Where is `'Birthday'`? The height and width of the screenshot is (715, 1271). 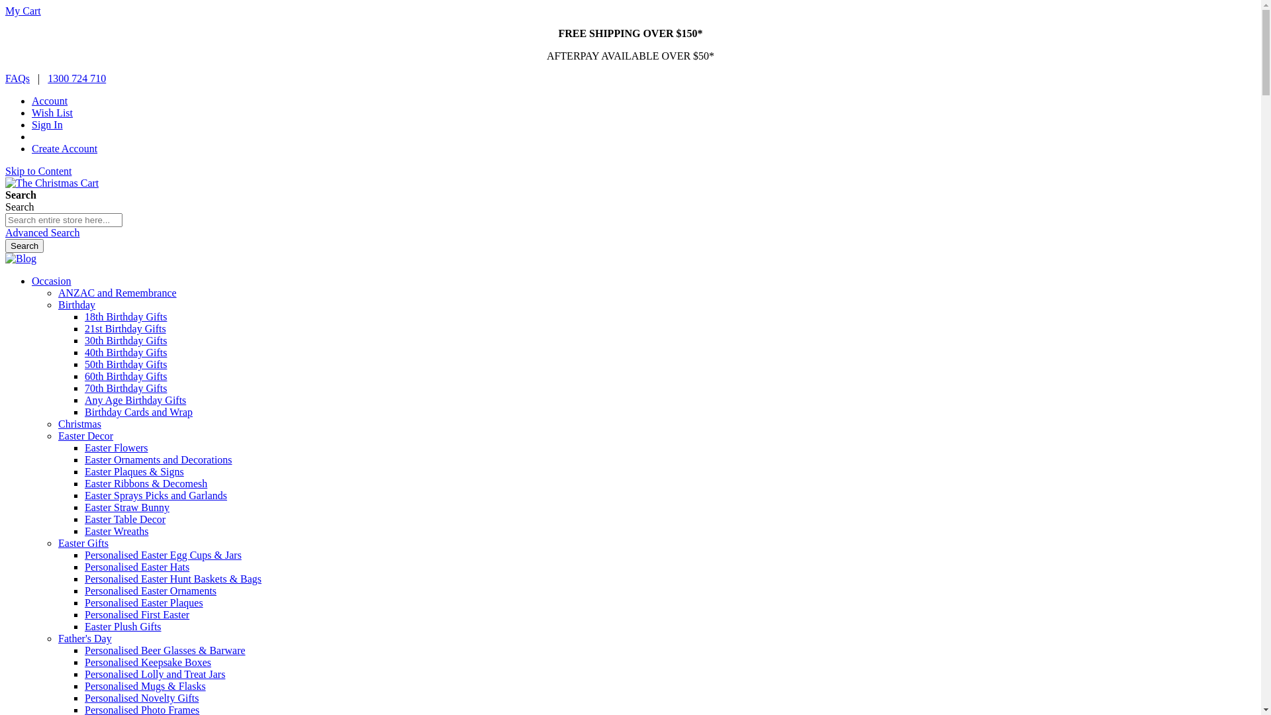 'Birthday' is located at coordinates (75, 305).